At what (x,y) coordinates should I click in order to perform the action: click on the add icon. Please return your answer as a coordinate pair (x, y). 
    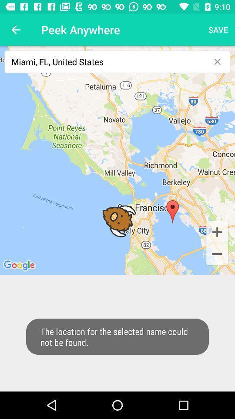
    Looking at the image, I should click on (217, 231).